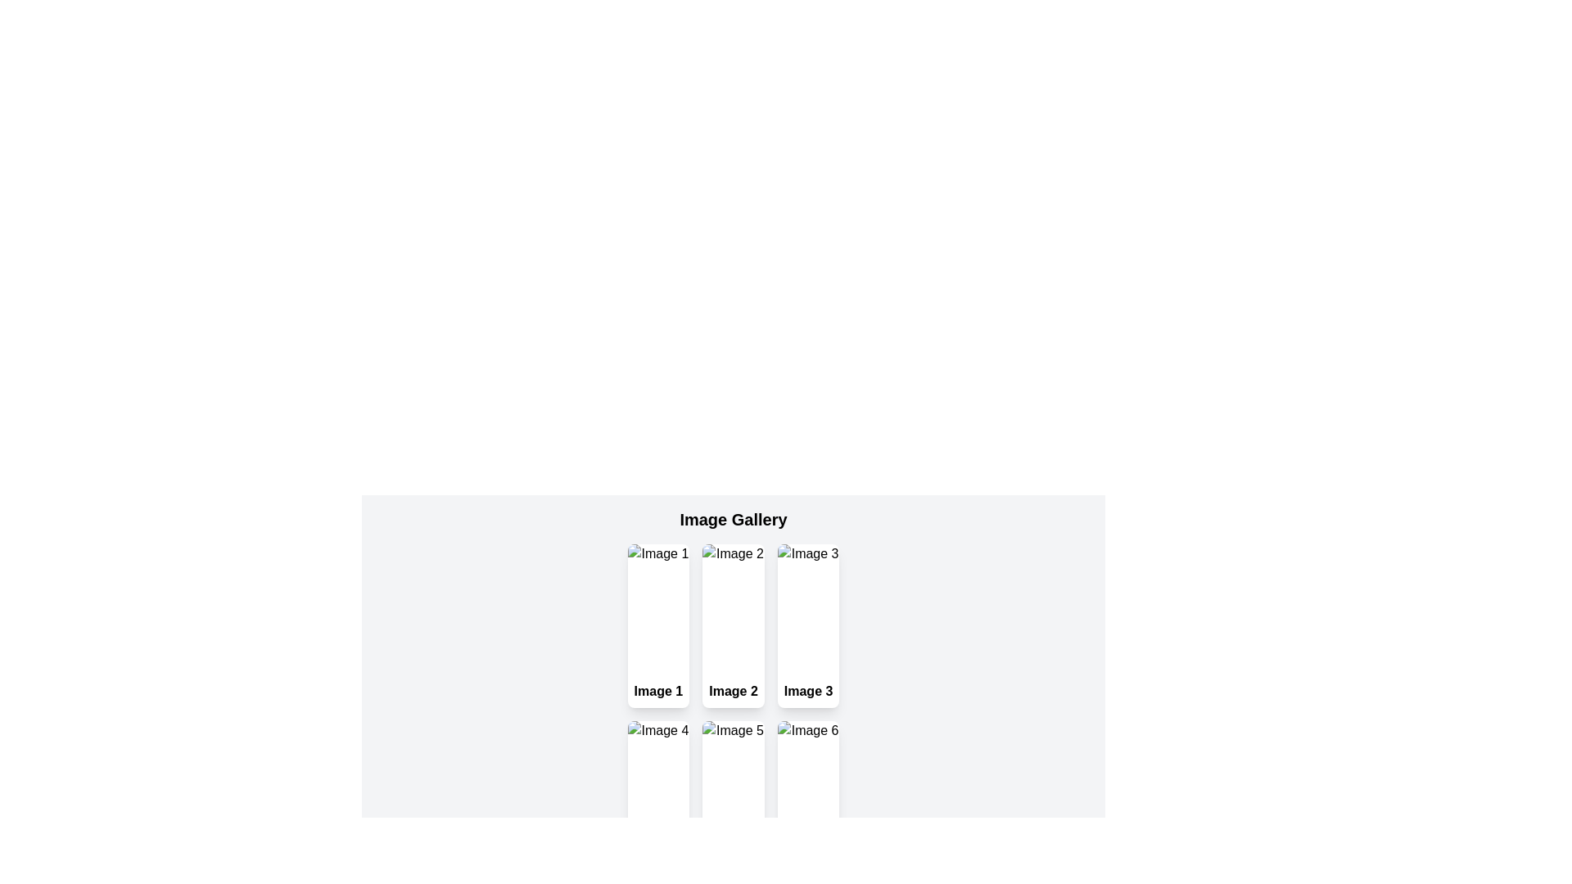 This screenshot has width=1572, height=884. What do you see at coordinates (658, 785) in the screenshot?
I see `the image identified as 'Image 4', located in the second row, first column of the grid layout` at bounding box center [658, 785].